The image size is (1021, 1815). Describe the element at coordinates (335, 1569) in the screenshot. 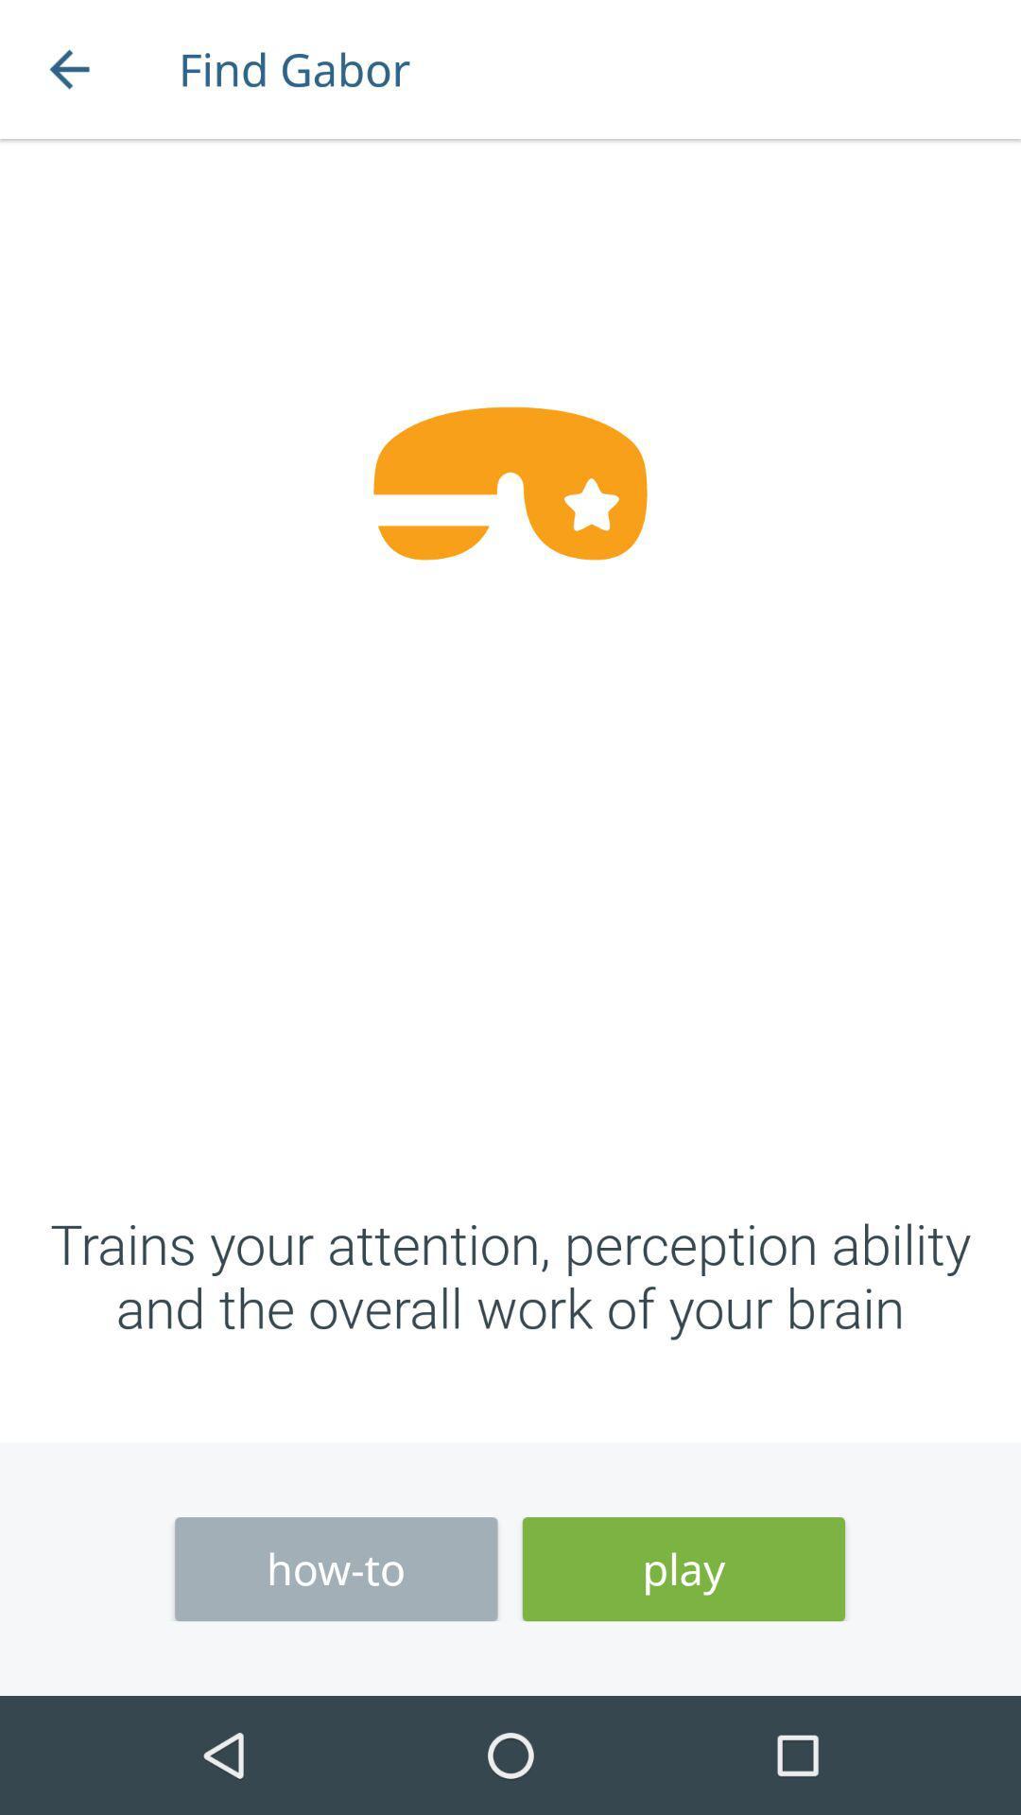

I see `how-to icon` at that location.